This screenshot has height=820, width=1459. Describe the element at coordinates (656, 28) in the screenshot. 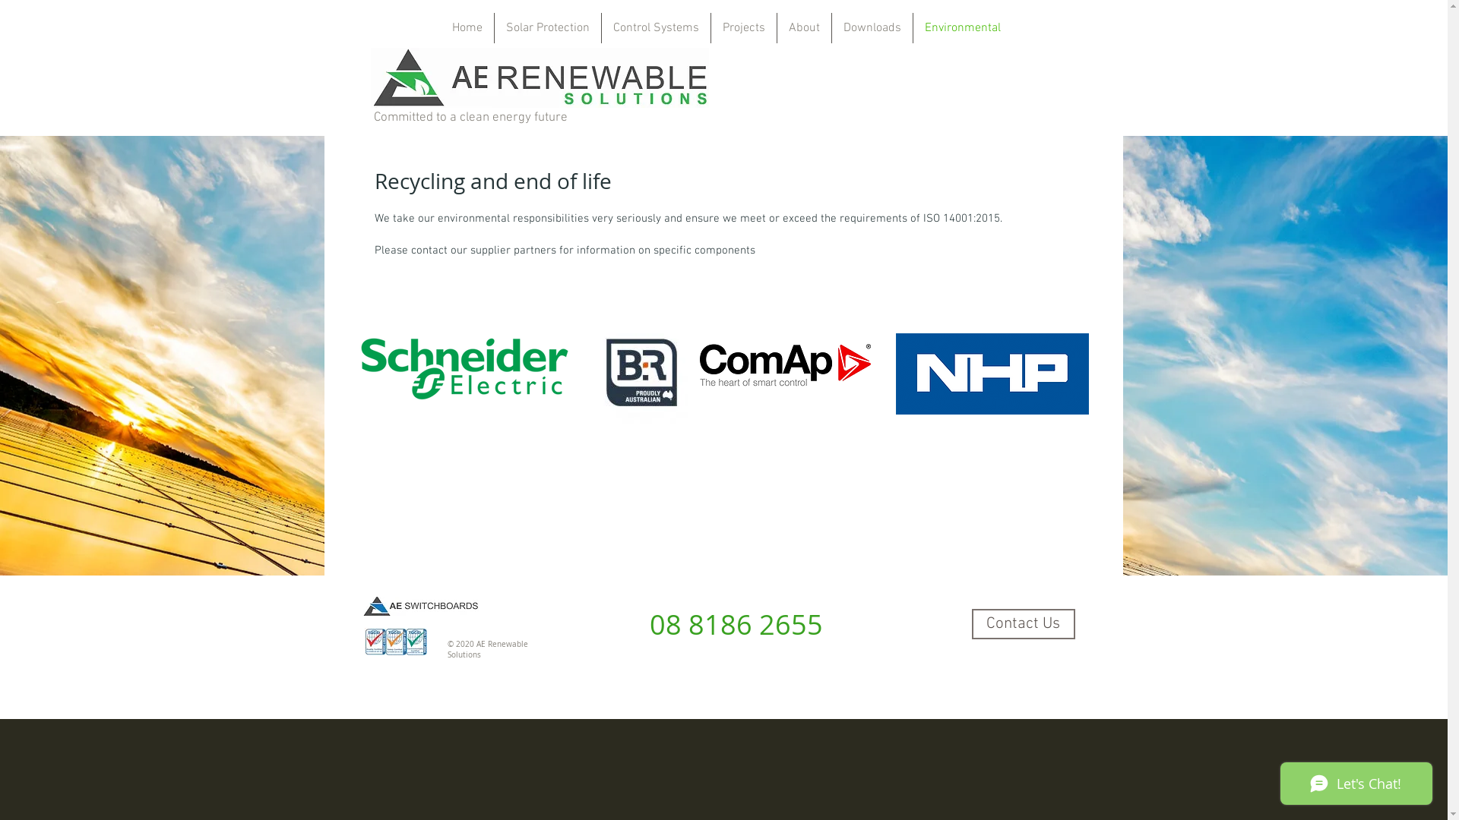

I see `'Control Systems'` at that location.